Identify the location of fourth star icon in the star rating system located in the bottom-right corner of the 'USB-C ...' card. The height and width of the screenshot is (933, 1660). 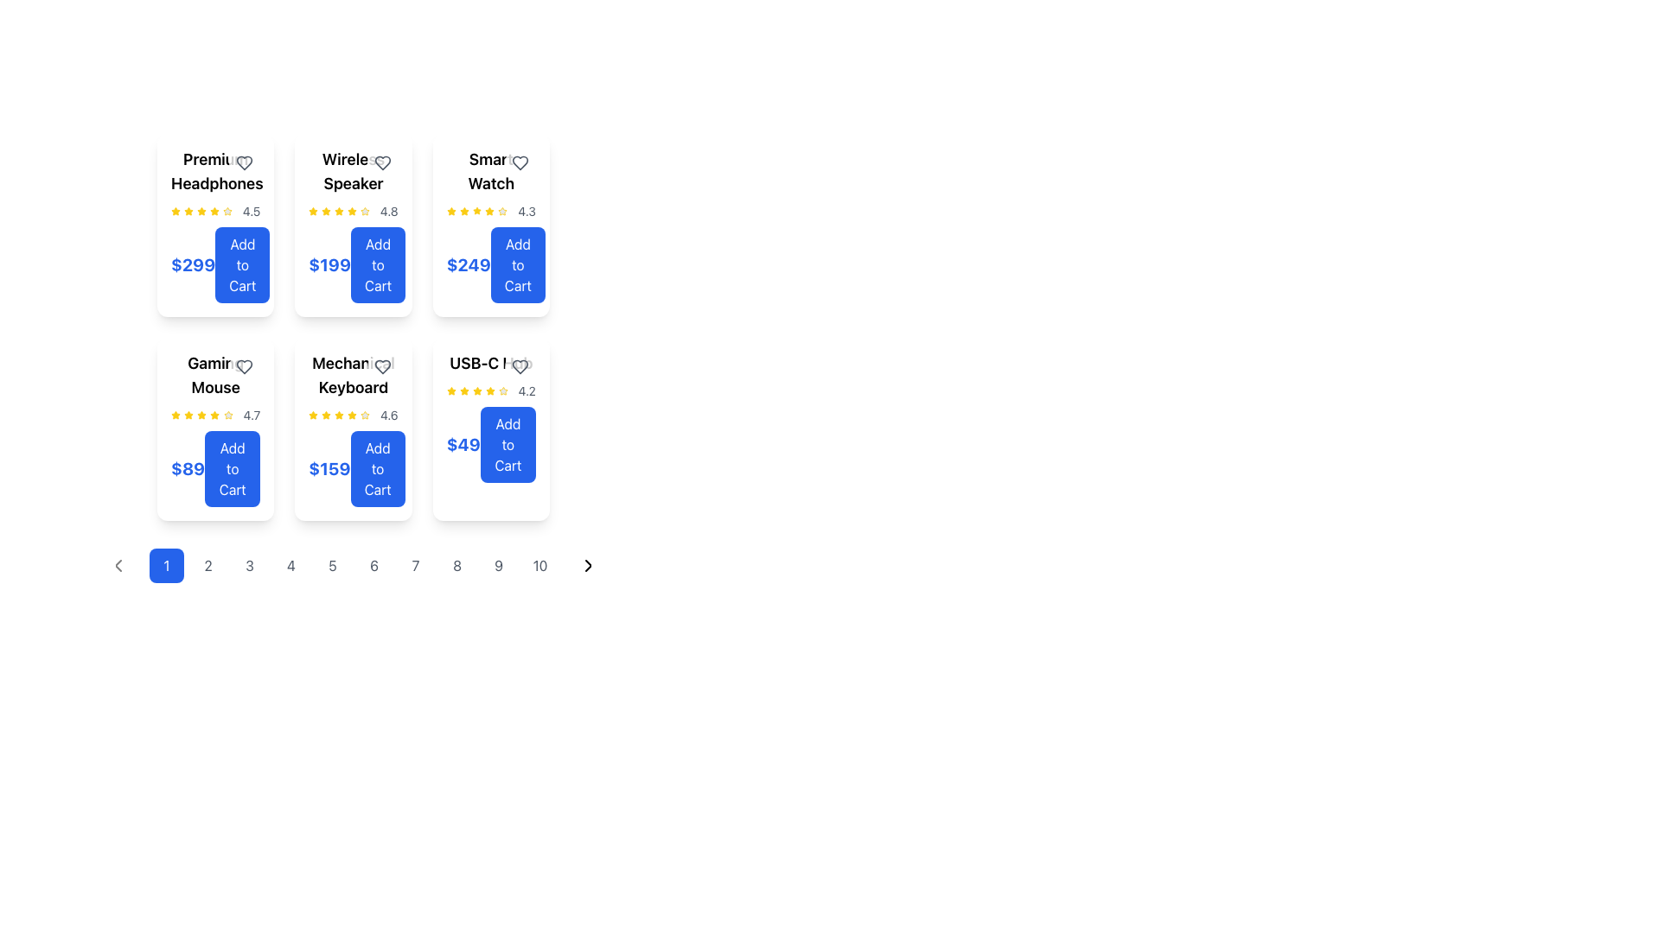
(477, 390).